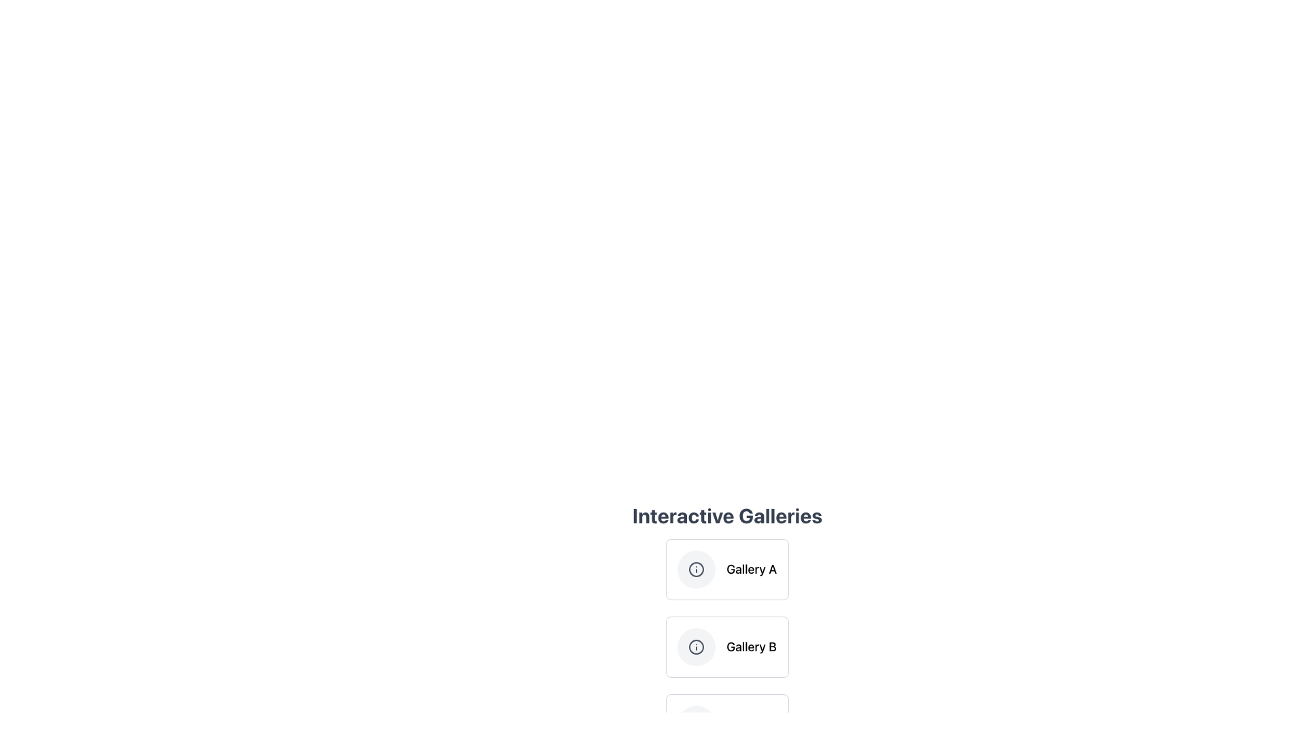 This screenshot has width=1306, height=735. I want to click on the text label displaying 'Gallery A', which is located to the right of a circular icon with an 'i' symbol in the 'Interactive Galleries' section, so click(751, 570).